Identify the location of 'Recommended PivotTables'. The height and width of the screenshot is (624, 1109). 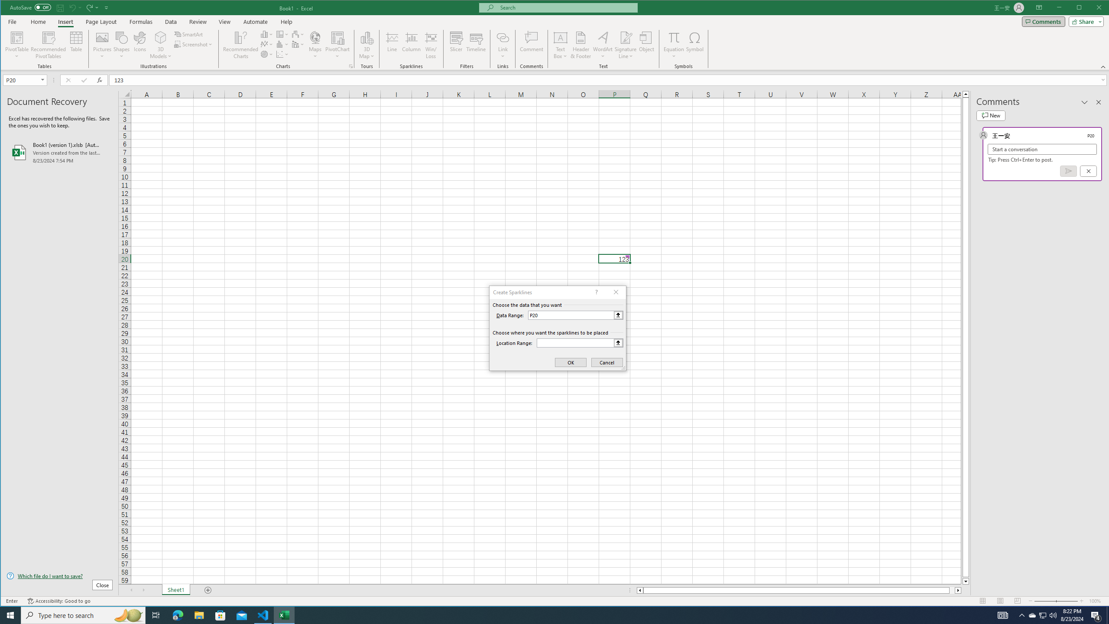
(48, 45).